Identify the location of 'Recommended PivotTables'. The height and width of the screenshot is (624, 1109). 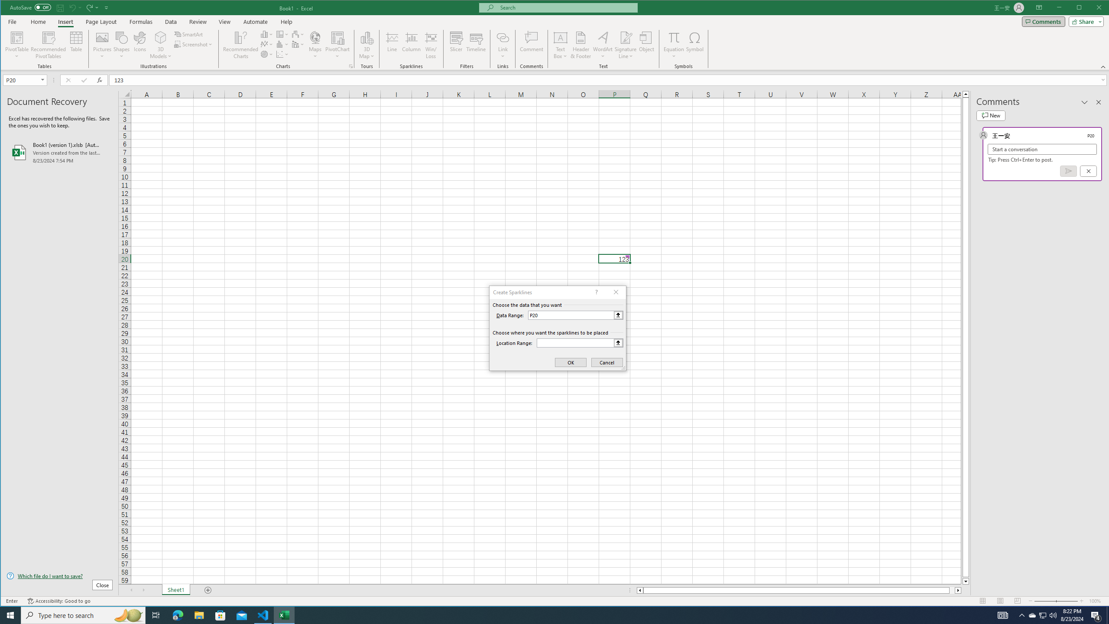
(48, 45).